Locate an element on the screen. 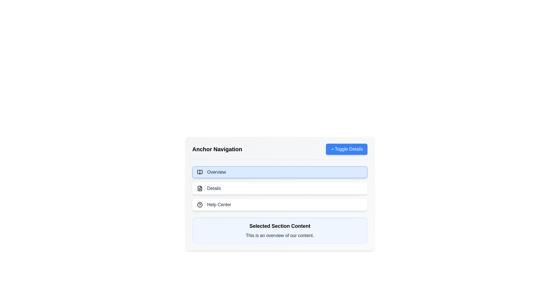 This screenshot has width=539, height=303. the 'Overview' icon in the navigation menu, which visually indicates the option and is positioned next to the 'Overview' label is located at coordinates (200, 172).